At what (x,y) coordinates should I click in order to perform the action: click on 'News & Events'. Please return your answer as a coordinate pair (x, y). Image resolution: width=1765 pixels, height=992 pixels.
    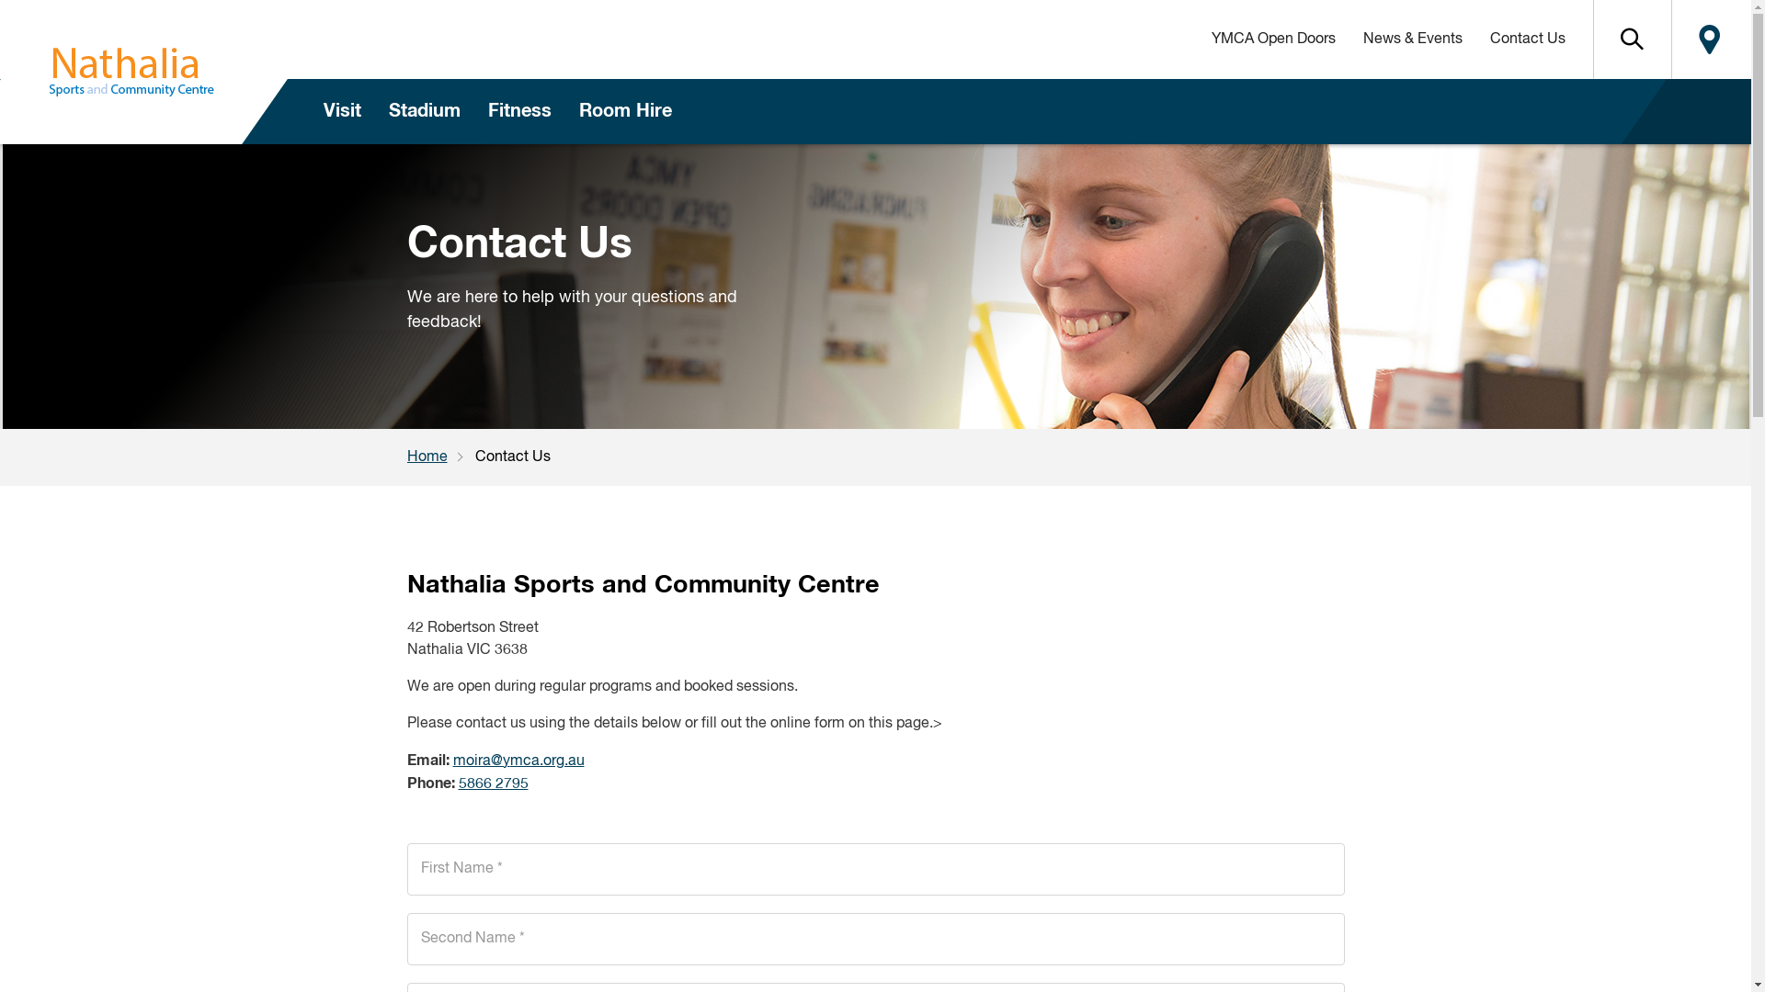
    Looking at the image, I should click on (1411, 39).